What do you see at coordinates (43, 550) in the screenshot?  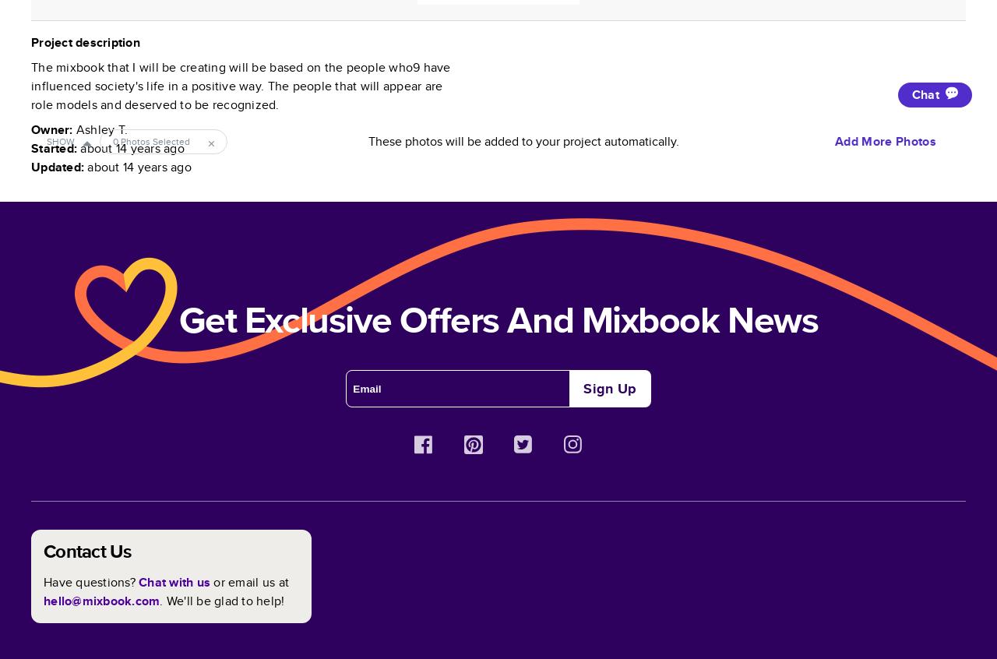 I see `'Contact Us'` at bounding box center [43, 550].